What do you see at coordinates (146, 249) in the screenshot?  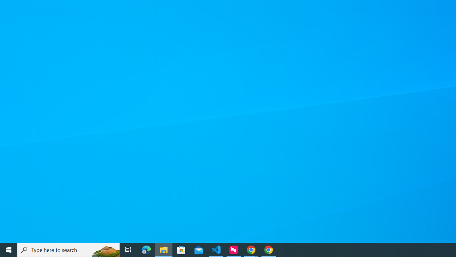 I see `'Microsoft Edge'` at bounding box center [146, 249].